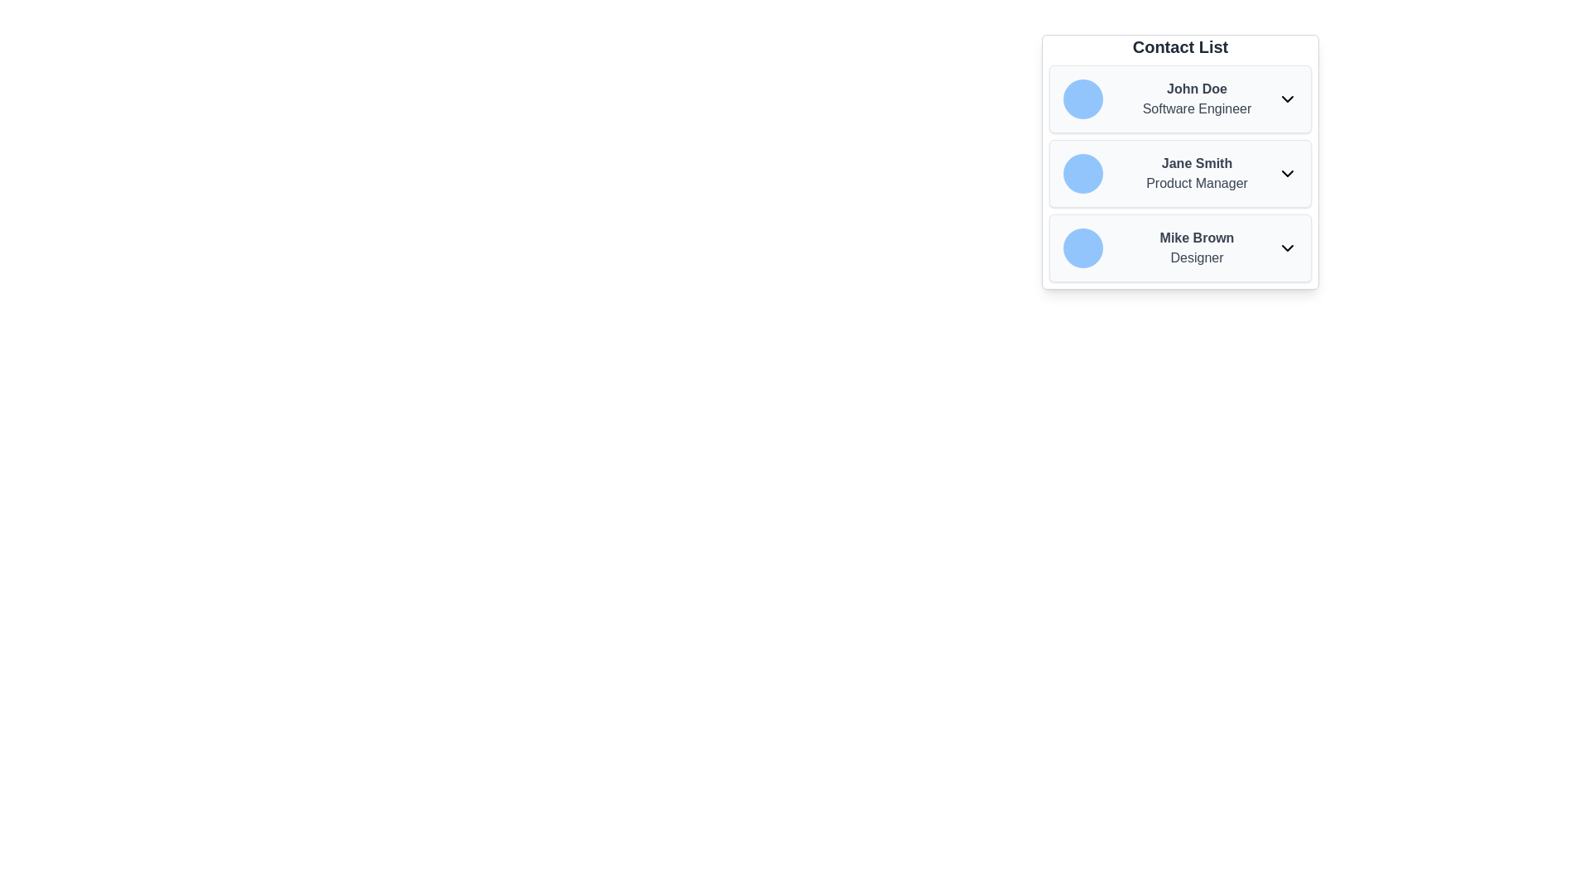  Describe the element at coordinates (1286, 173) in the screenshot. I see `the downward-pointing chevron icon associated with 'Jane Smith Product Manager' through keyboard navigation` at that location.